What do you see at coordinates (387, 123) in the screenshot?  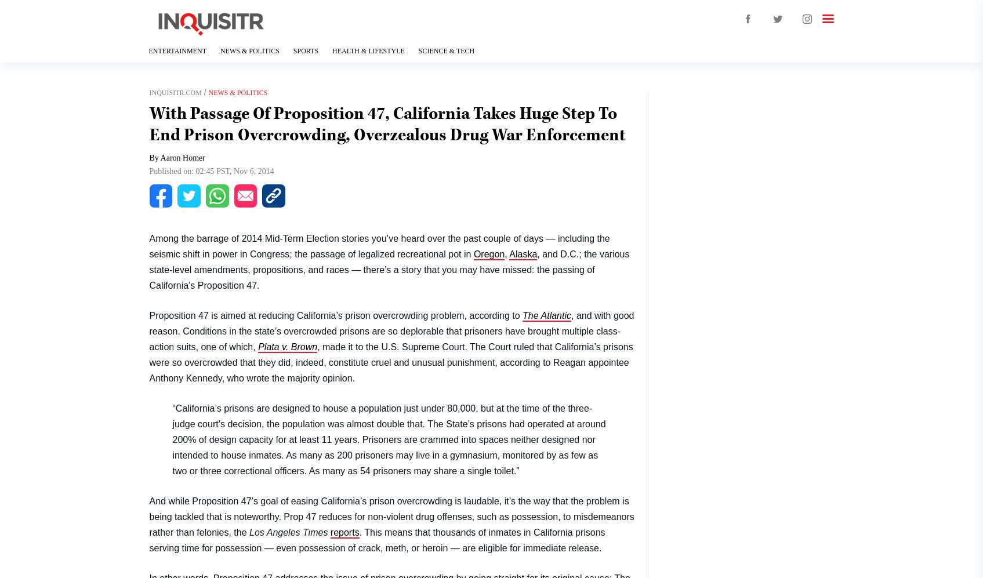 I see `'With Passage Of Proposition 47, California Takes Huge Step To End Prison Overcrowding, Overzealous Drug War Enforcement'` at bounding box center [387, 123].